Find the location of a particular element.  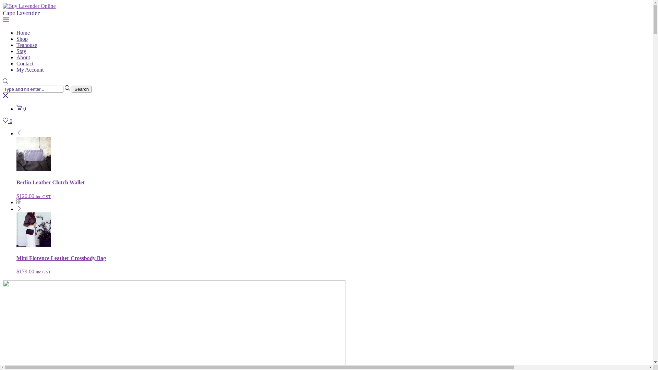

'About' is located at coordinates (23, 57).